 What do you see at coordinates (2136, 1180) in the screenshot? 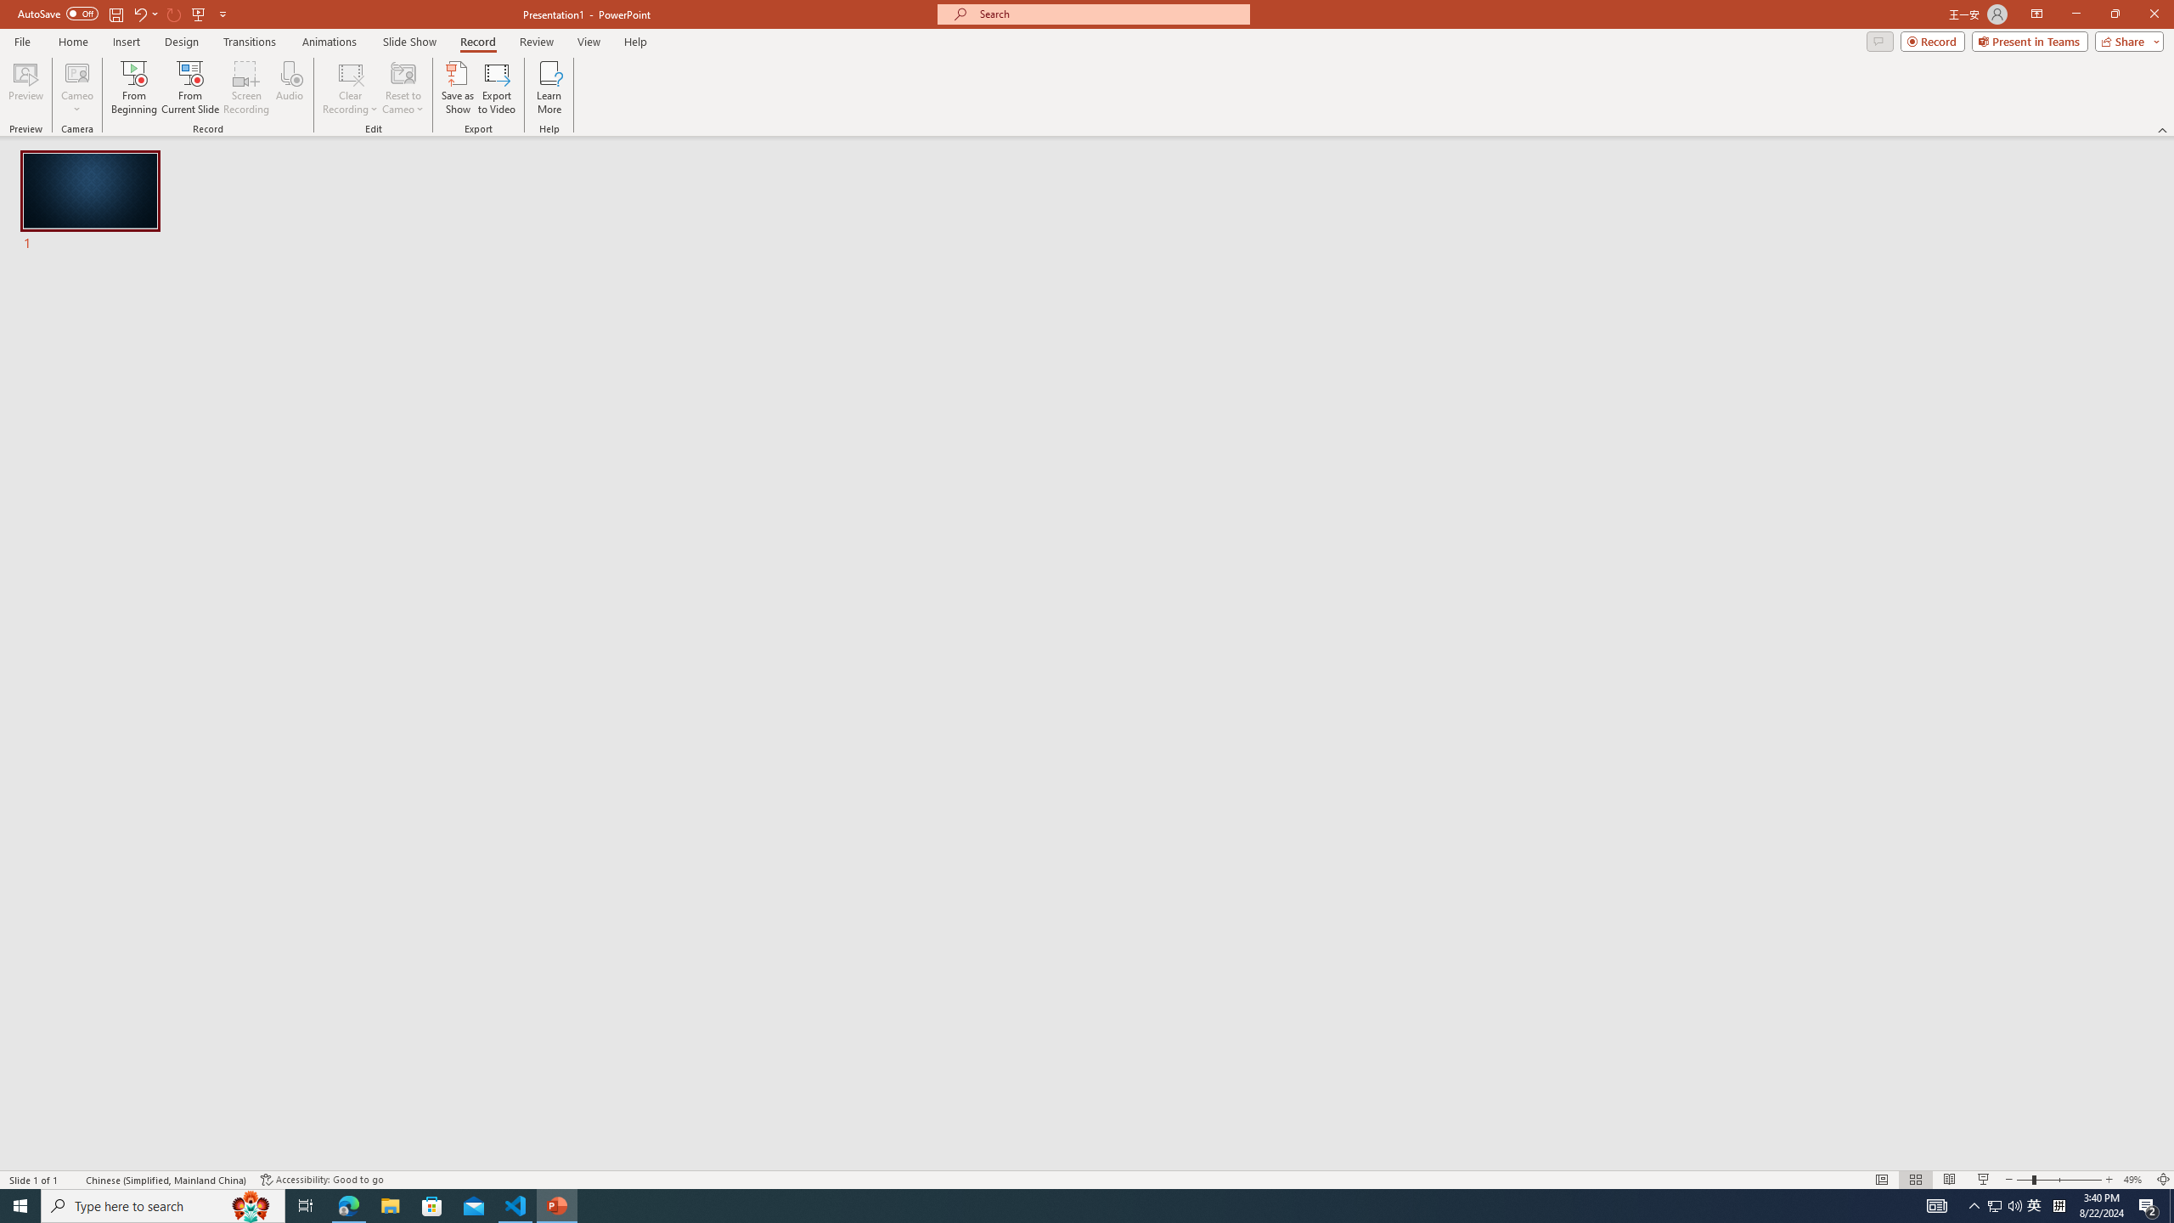
I see `'Zoom 49%'` at bounding box center [2136, 1180].